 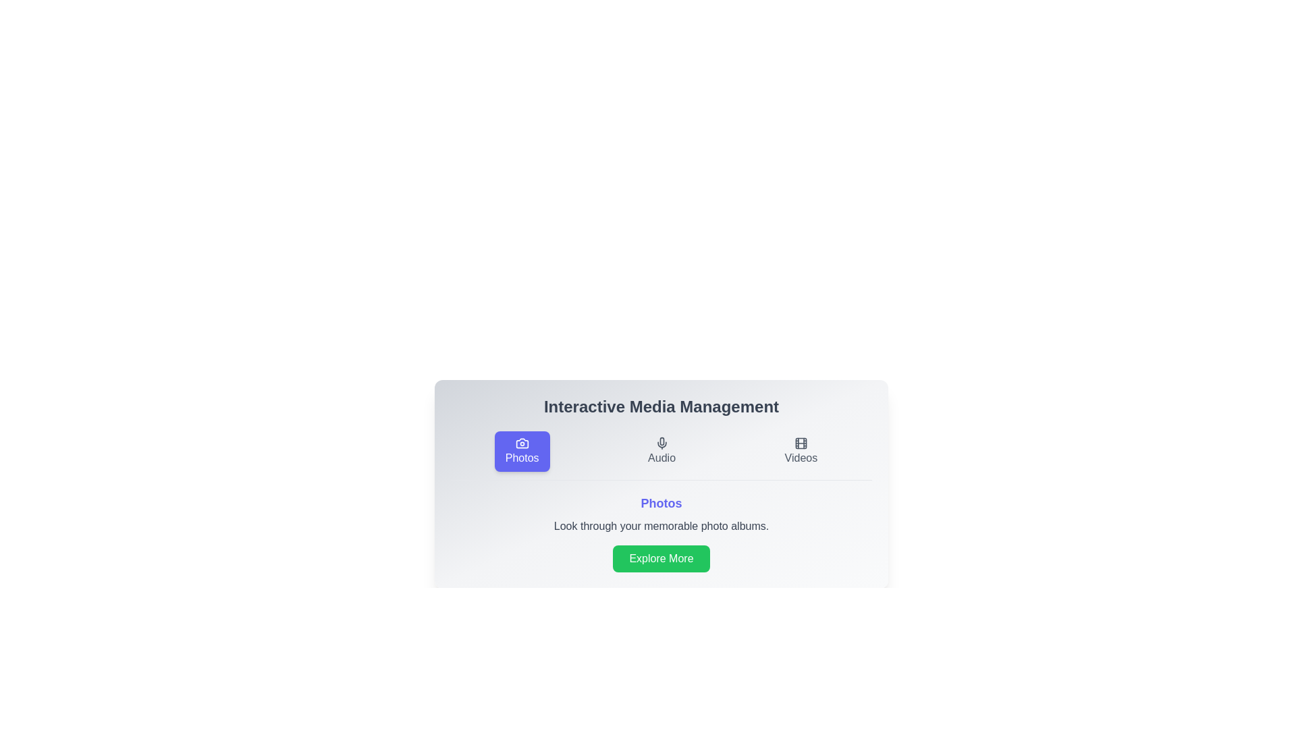 What do you see at coordinates (661, 451) in the screenshot?
I see `the Audio tab to view its content` at bounding box center [661, 451].